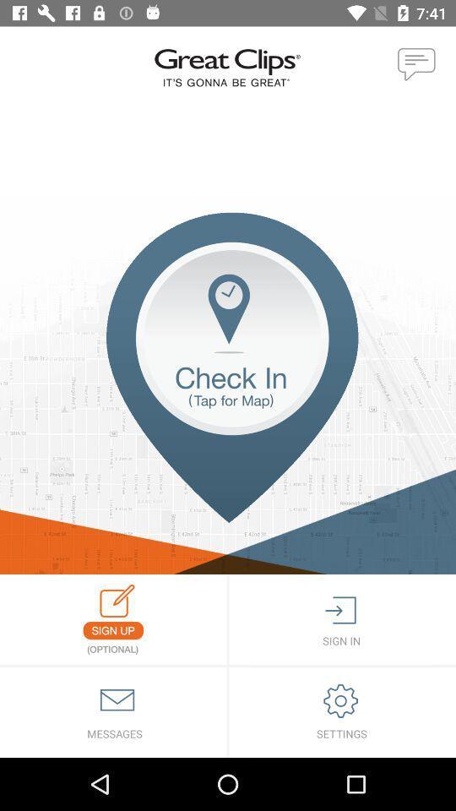 The width and height of the screenshot is (456, 811). Describe the element at coordinates (342, 711) in the screenshot. I see `settings` at that location.